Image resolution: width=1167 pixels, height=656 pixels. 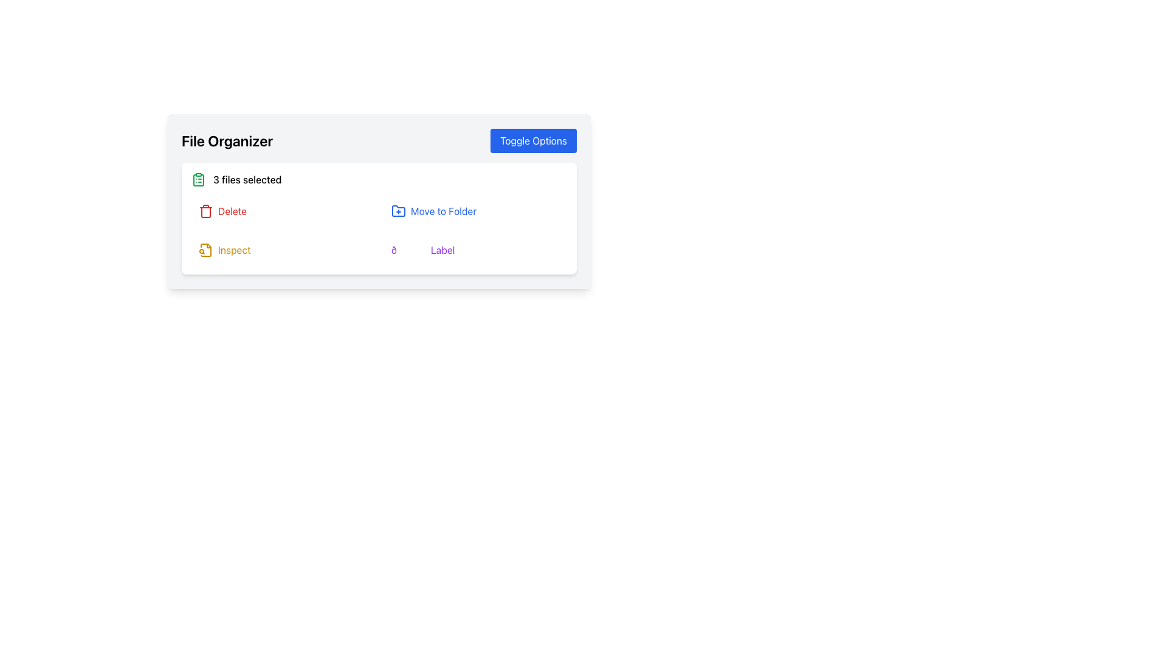 What do you see at coordinates (399, 210) in the screenshot?
I see `the 'Move to Folder' button which contains a blue folder icon with a plus sign, located in the center-left area of the button` at bounding box center [399, 210].